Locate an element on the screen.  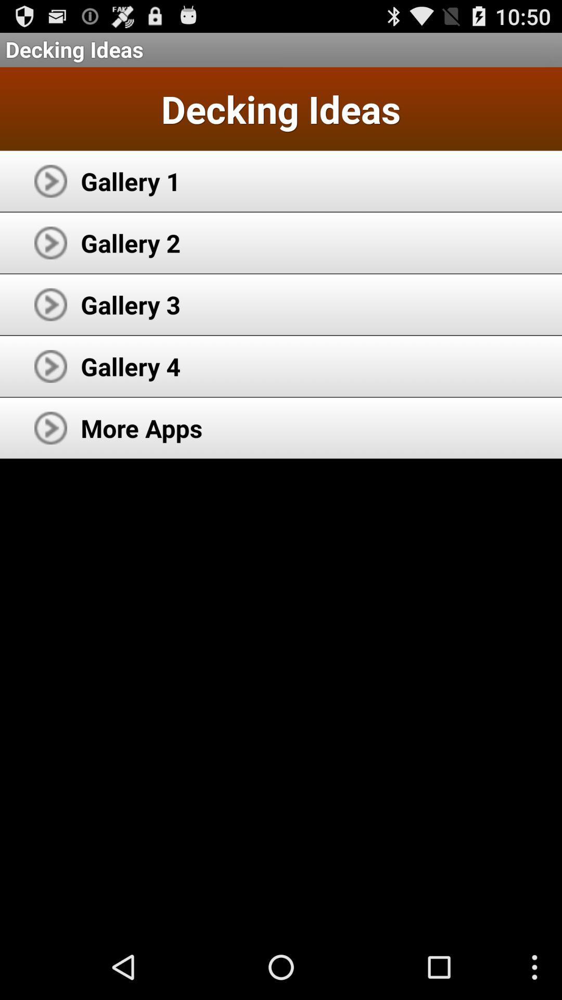
icon above the gallery 4 is located at coordinates (130, 304).